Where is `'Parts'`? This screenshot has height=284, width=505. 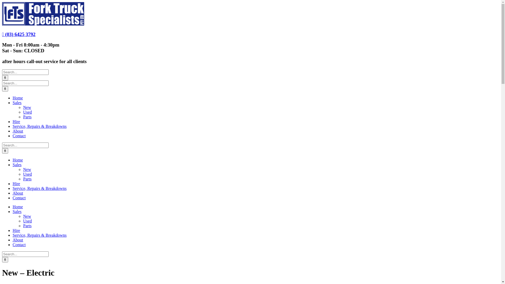 'Parts' is located at coordinates (27, 225).